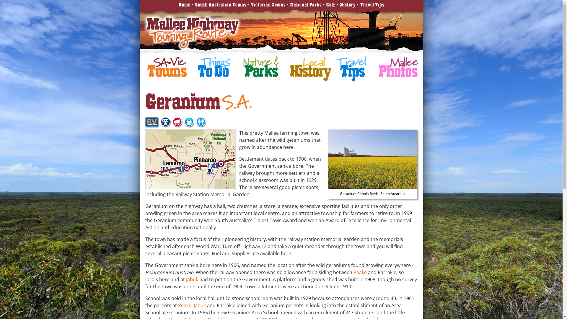 Image resolution: width=567 pixels, height=319 pixels. I want to click on 'Jabuk', so click(200, 305).